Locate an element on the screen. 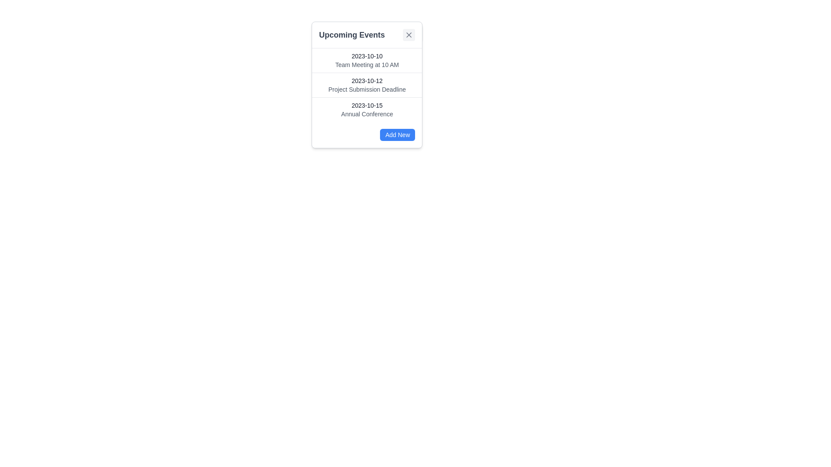  the button located at the bottom-right of the 'Upcoming Events' modal to initiate the action of adding a new event to the list is located at coordinates (397, 135).